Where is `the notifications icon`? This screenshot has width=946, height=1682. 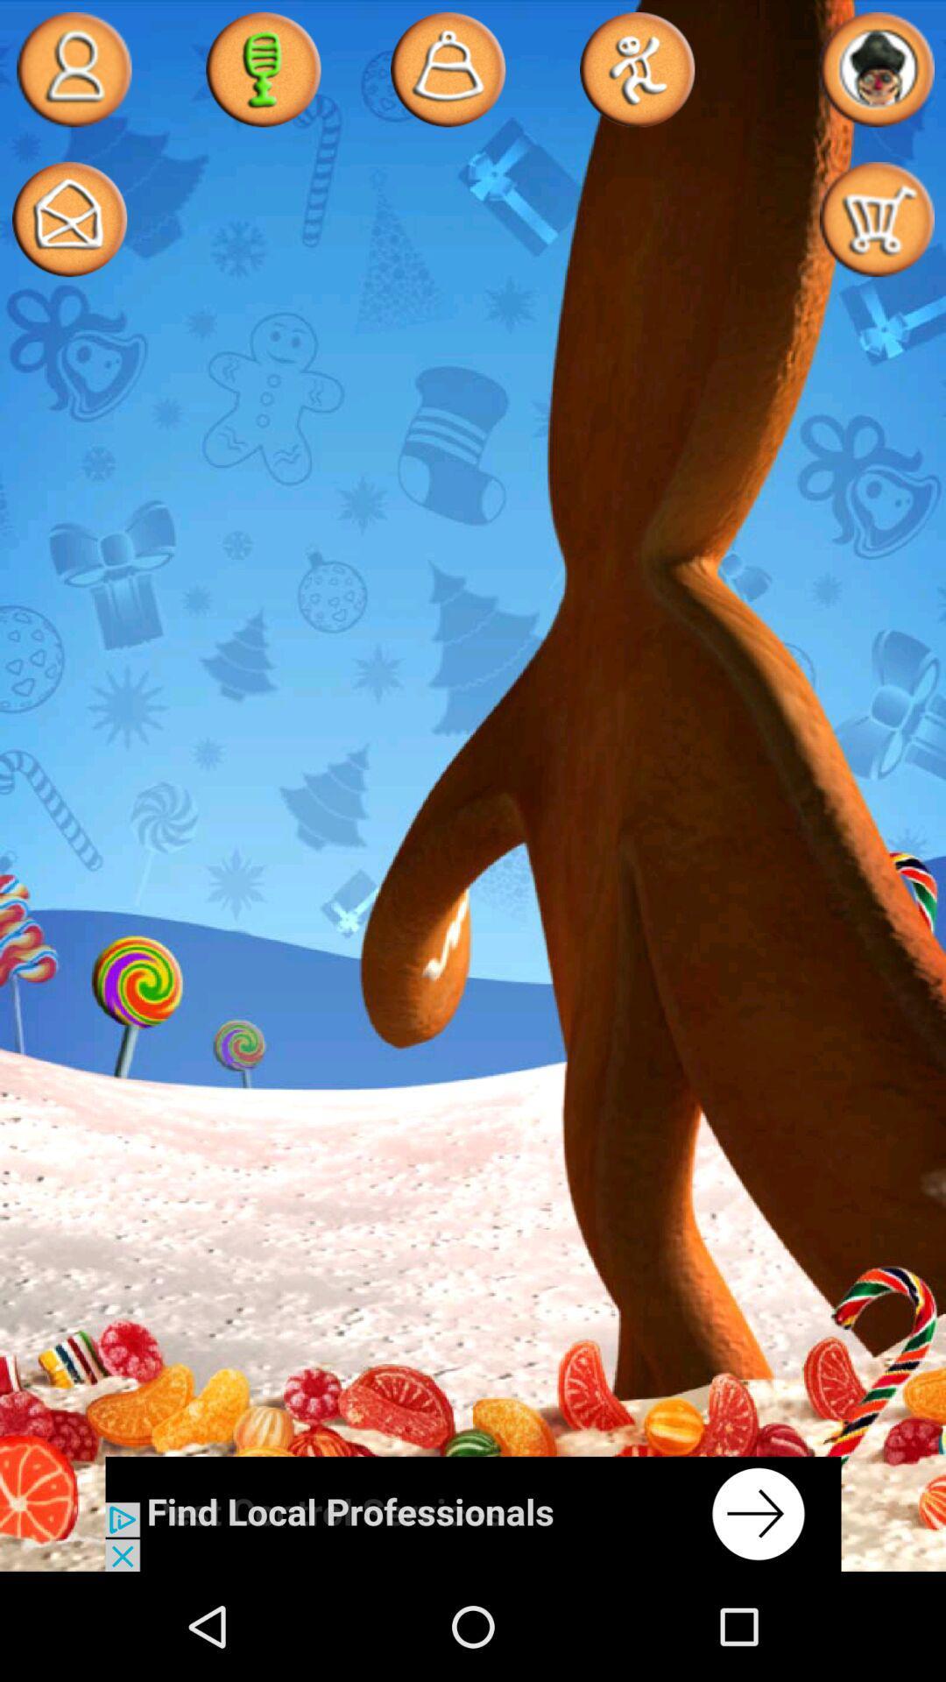 the notifications icon is located at coordinates (447, 73).